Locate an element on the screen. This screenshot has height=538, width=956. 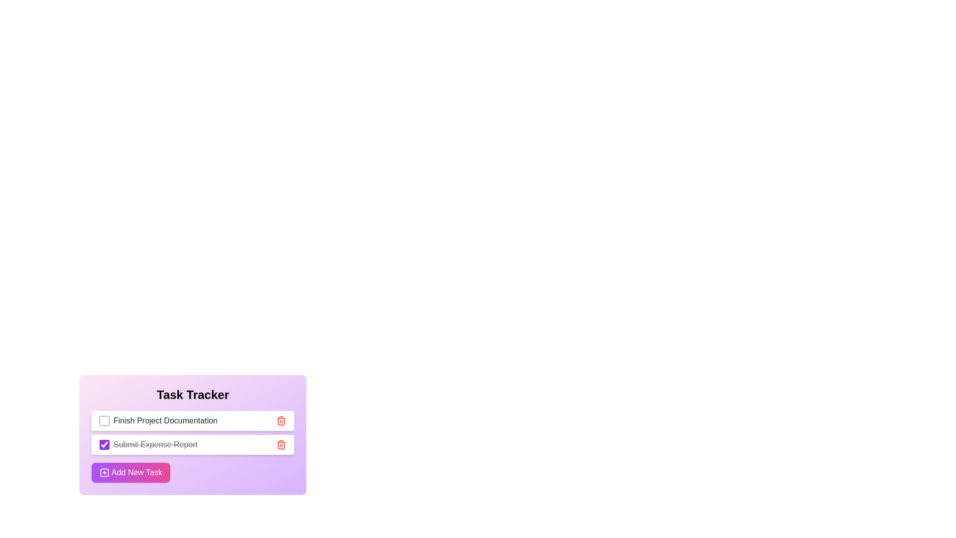
the SVG graphical element shaped like a square with rounded corners, located to the left of the 'Add New Task' button is located at coordinates (105, 472).